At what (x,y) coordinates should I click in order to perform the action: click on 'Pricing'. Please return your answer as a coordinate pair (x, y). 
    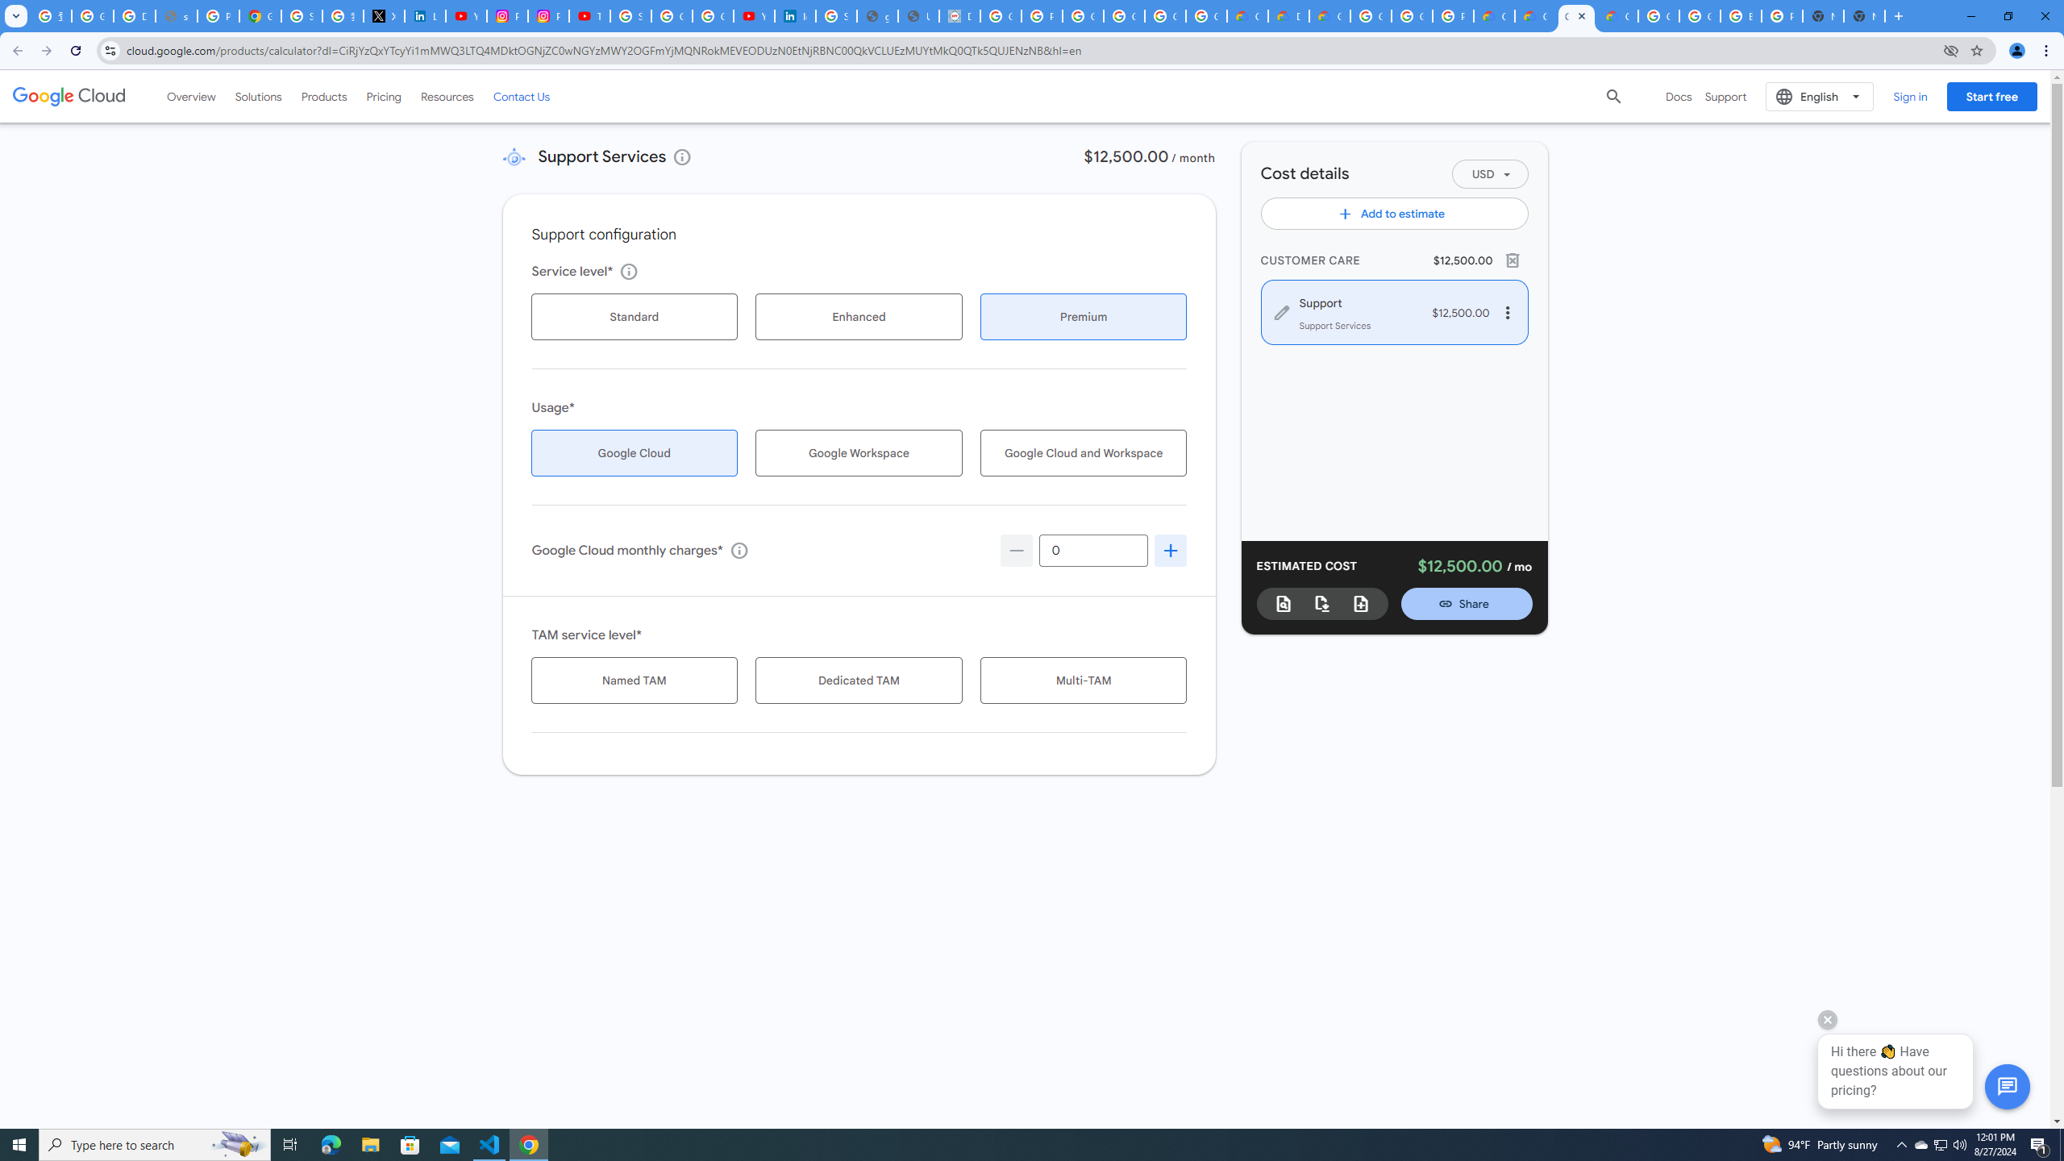
    Looking at the image, I should click on (384, 95).